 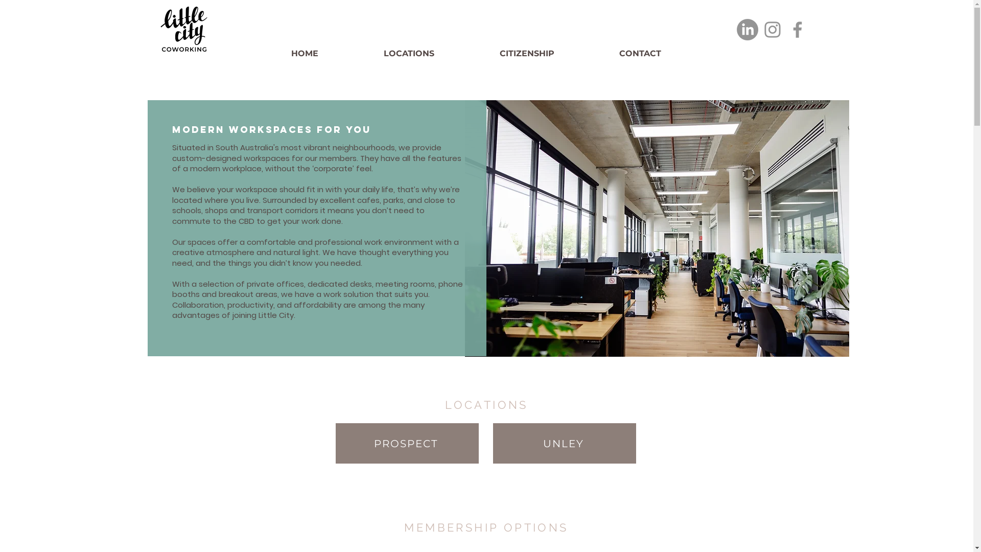 What do you see at coordinates (406, 443) in the screenshot?
I see `'PROSPECT'` at bounding box center [406, 443].